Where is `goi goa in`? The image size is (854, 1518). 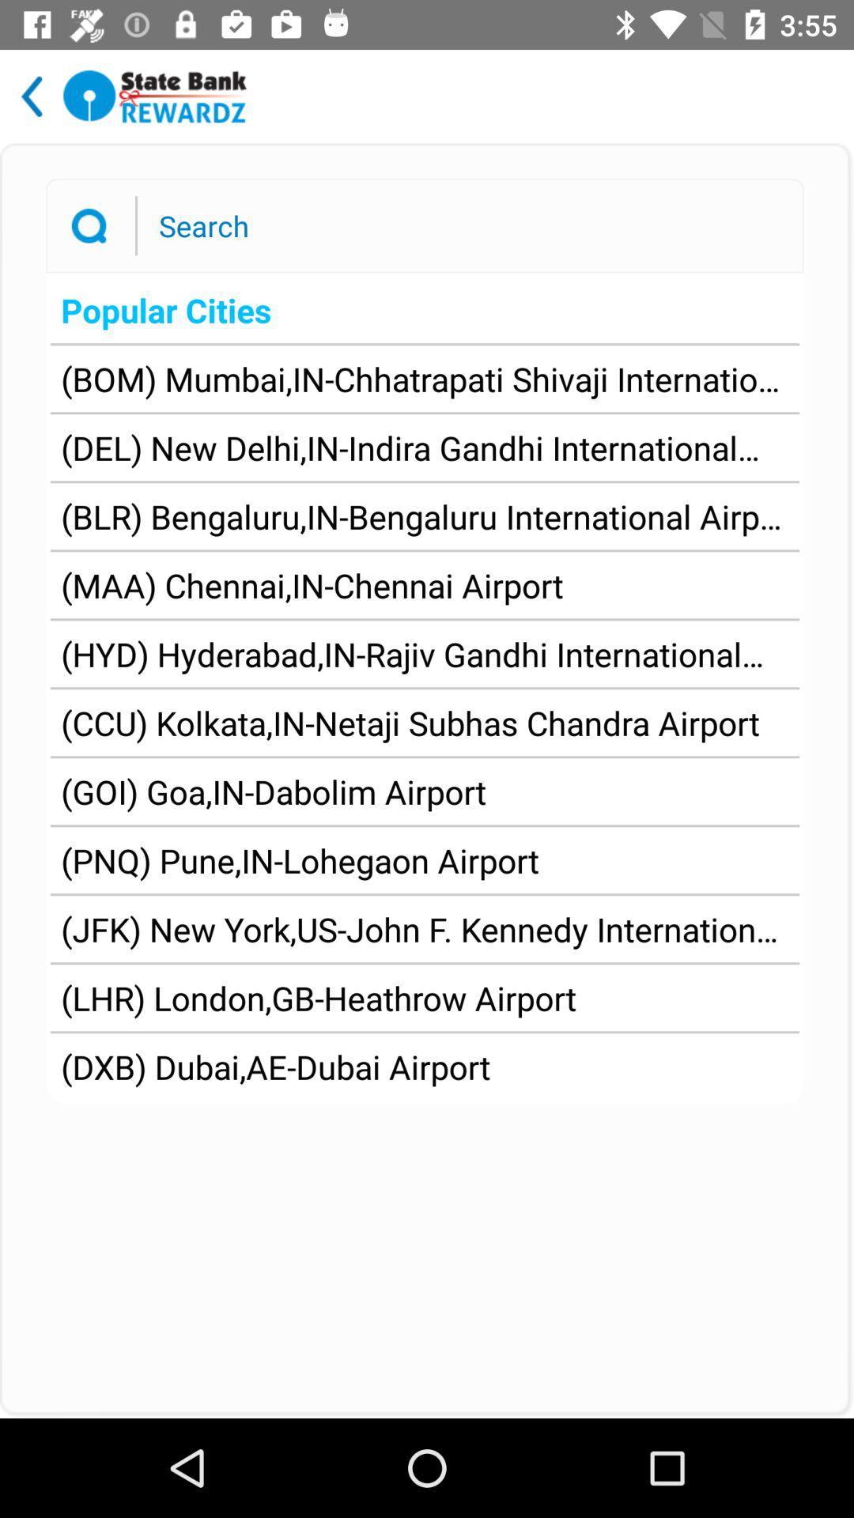
goi goa in is located at coordinates (273, 791).